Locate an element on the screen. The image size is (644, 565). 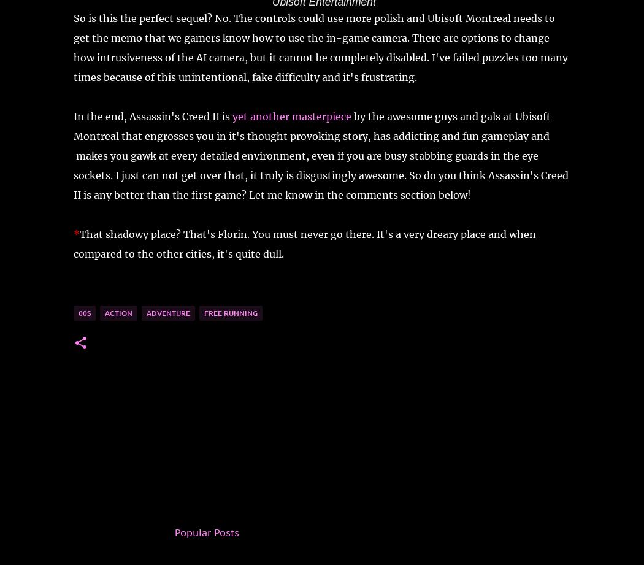
'Popular Posts' is located at coordinates (174, 531).